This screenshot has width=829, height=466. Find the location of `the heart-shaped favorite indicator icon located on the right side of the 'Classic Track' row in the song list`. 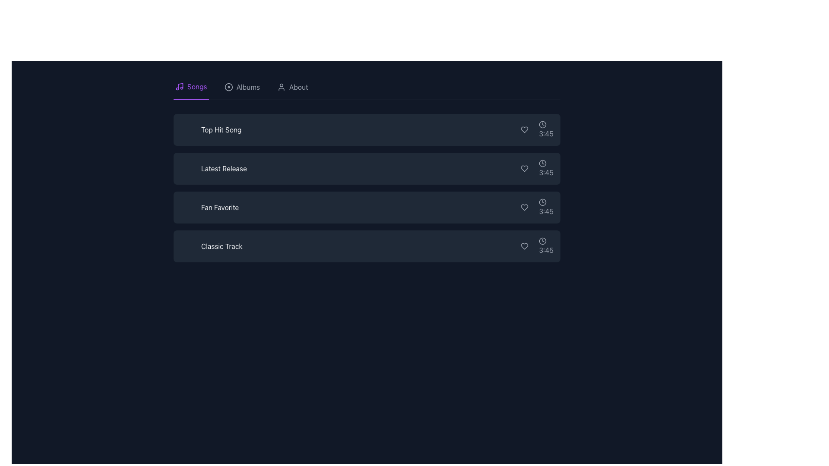

the heart-shaped favorite indicator icon located on the right side of the 'Classic Track' row in the song list is located at coordinates (524, 246).